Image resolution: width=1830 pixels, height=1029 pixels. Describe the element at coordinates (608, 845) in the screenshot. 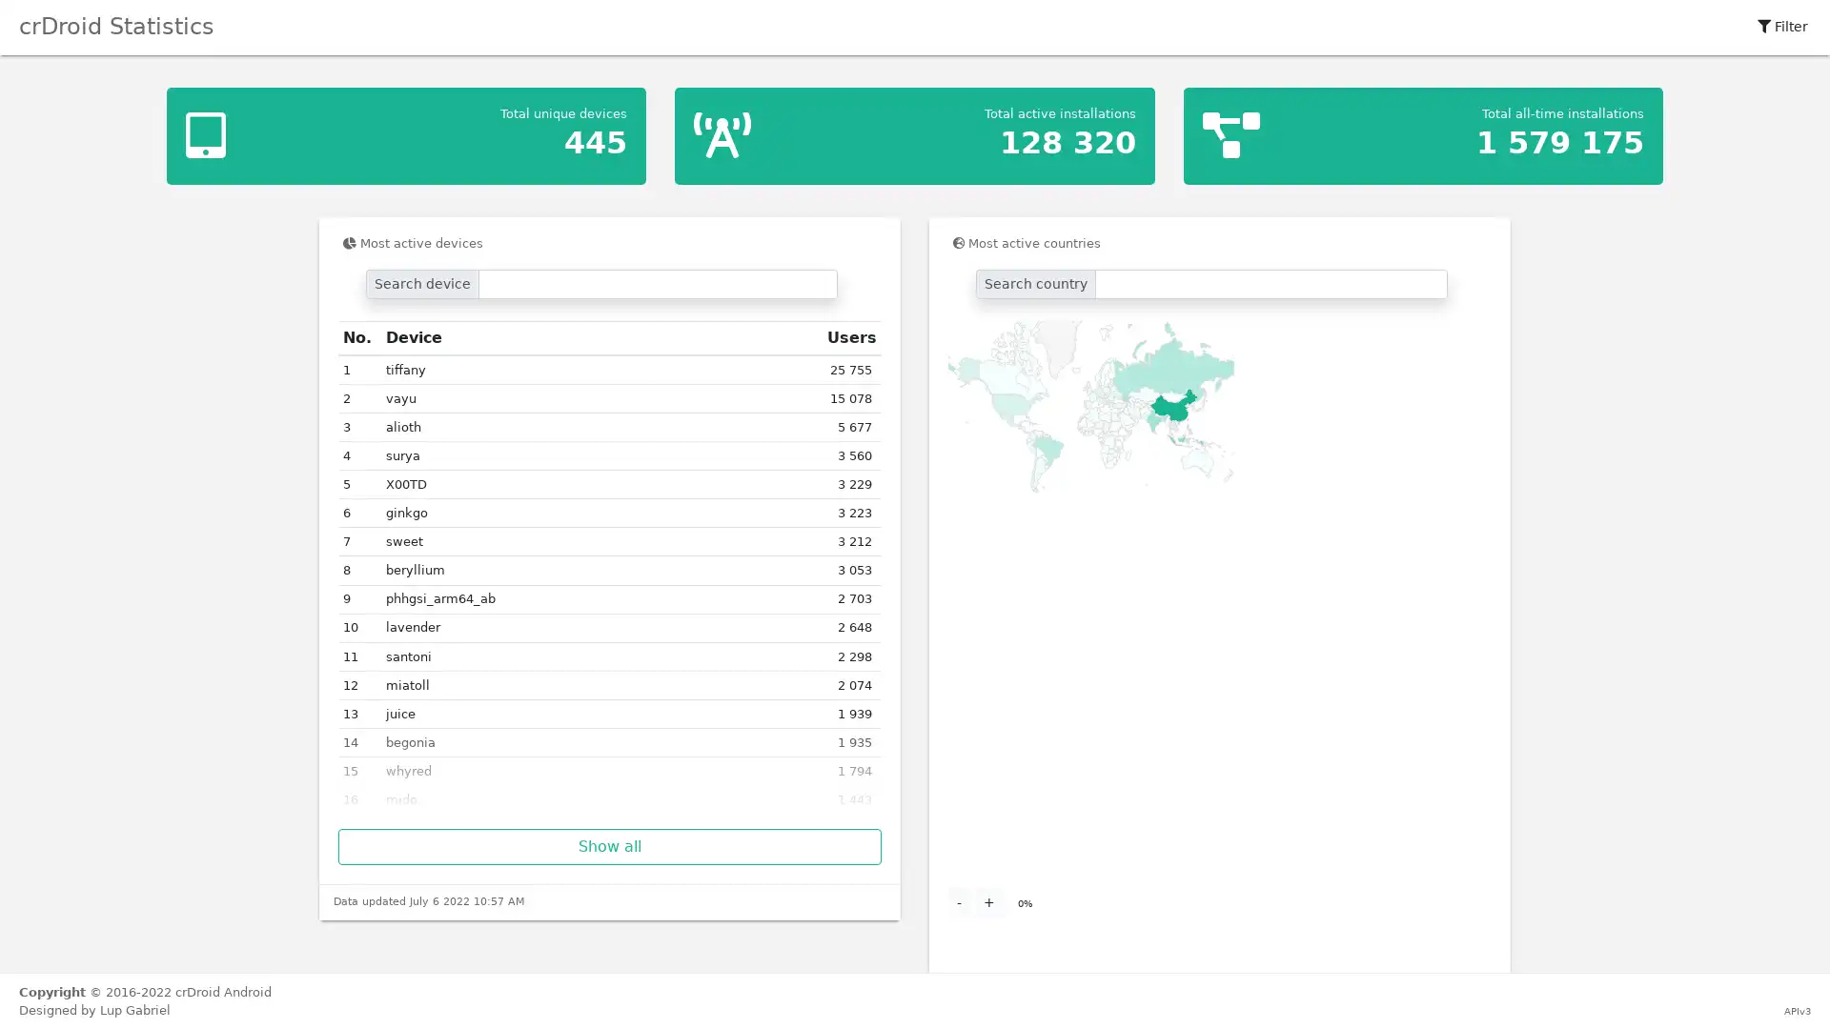

I see `Show all` at that location.